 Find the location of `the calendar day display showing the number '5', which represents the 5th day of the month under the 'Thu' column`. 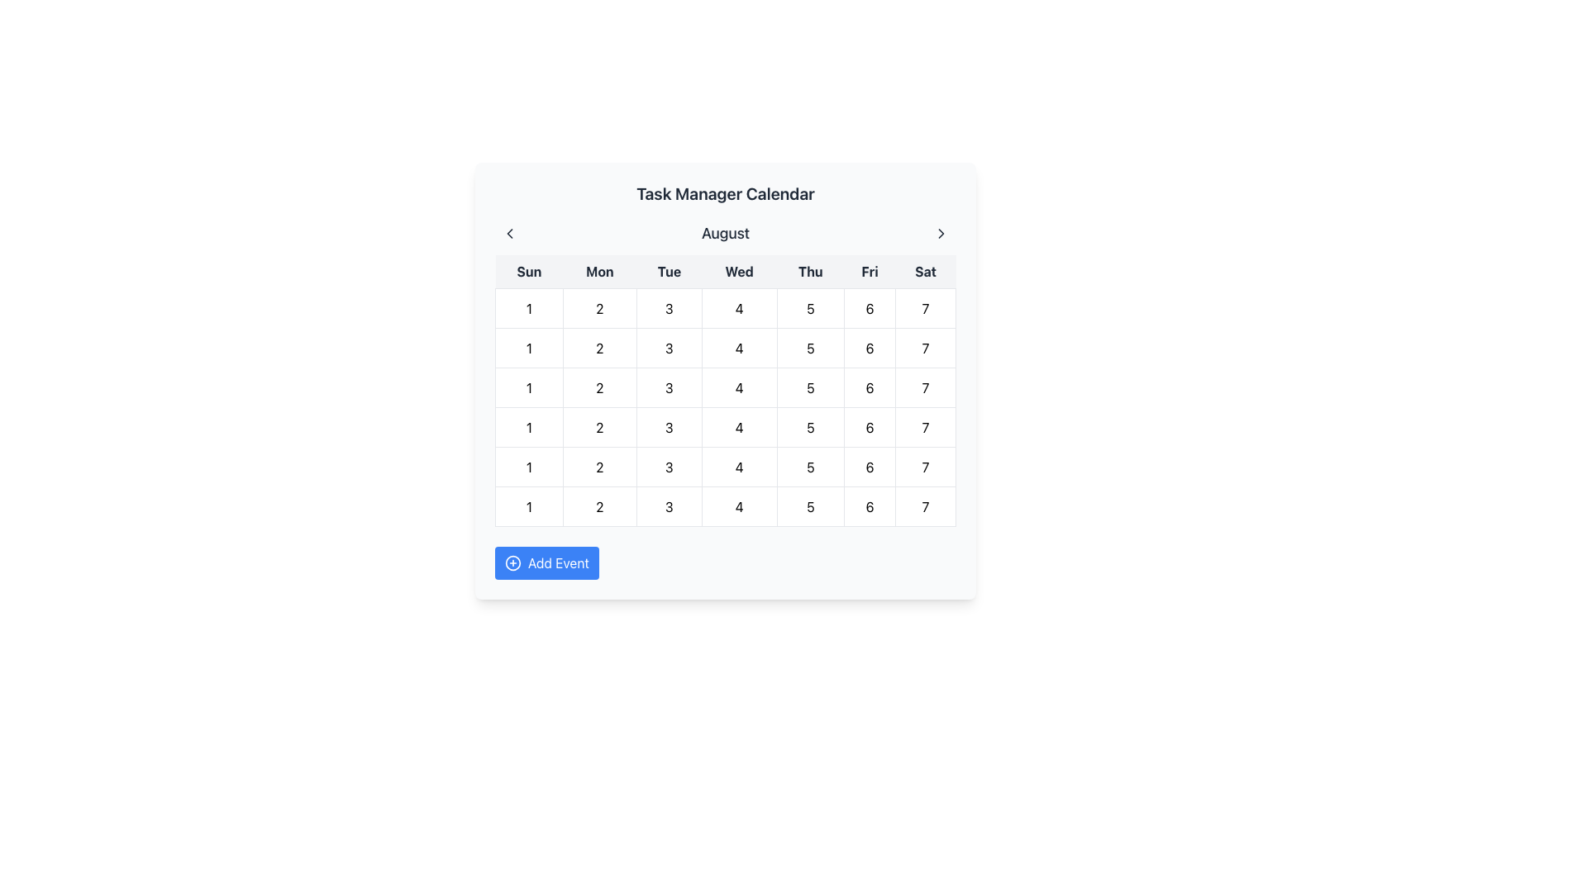

the calendar day display showing the number '5', which represents the 5th day of the month under the 'Thu' column is located at coordinates (810, 308).